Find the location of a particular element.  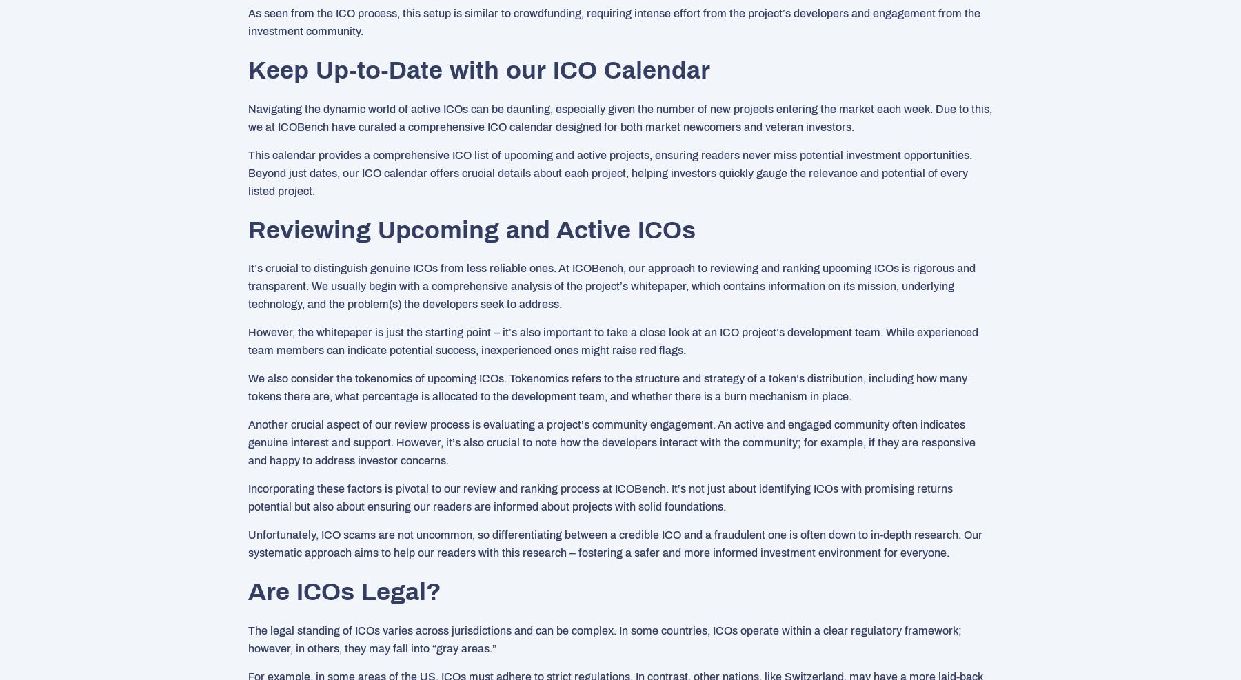

'The legal standing of ICOs varies across jurisdictions and can be complex. In some countries, ICOs operate within a clear regulatory framework; however, in others, they may fall into “gray areas.”' is located at coordinates (605, 639).